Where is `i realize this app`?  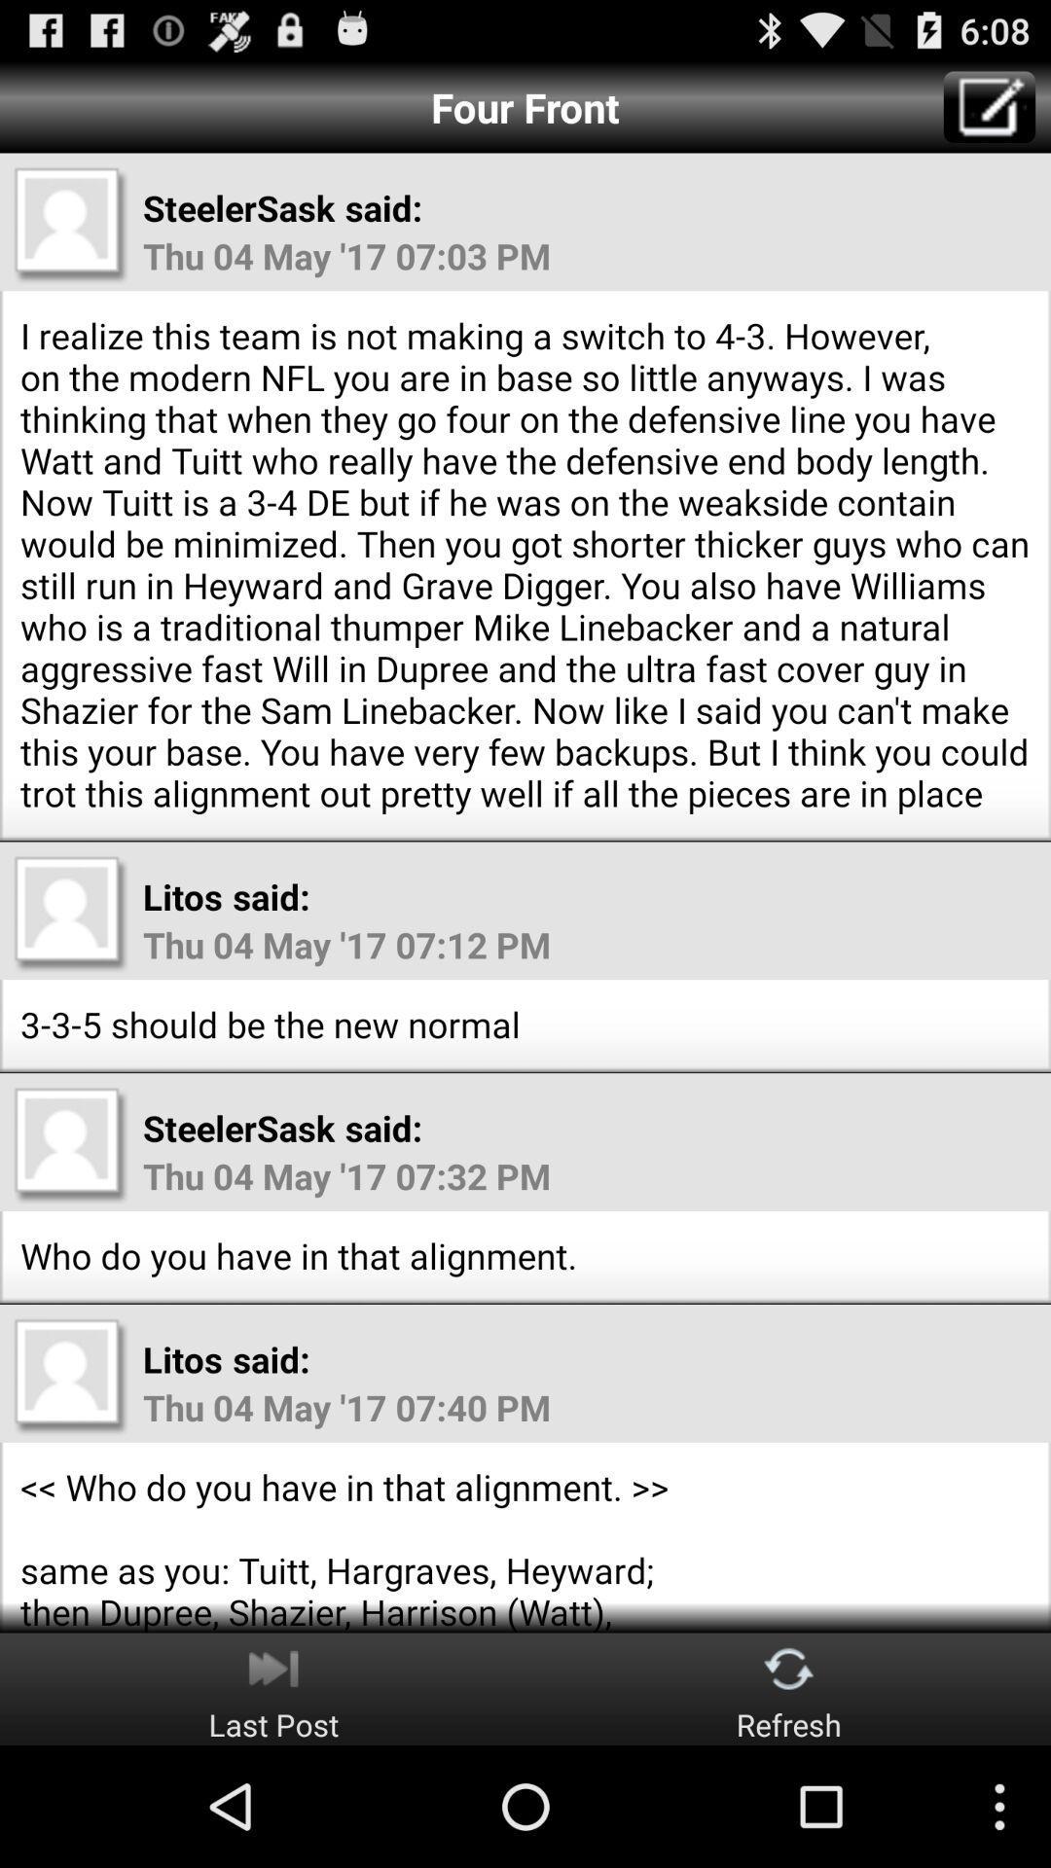 i realize this app is located at coordinates (525, 563).